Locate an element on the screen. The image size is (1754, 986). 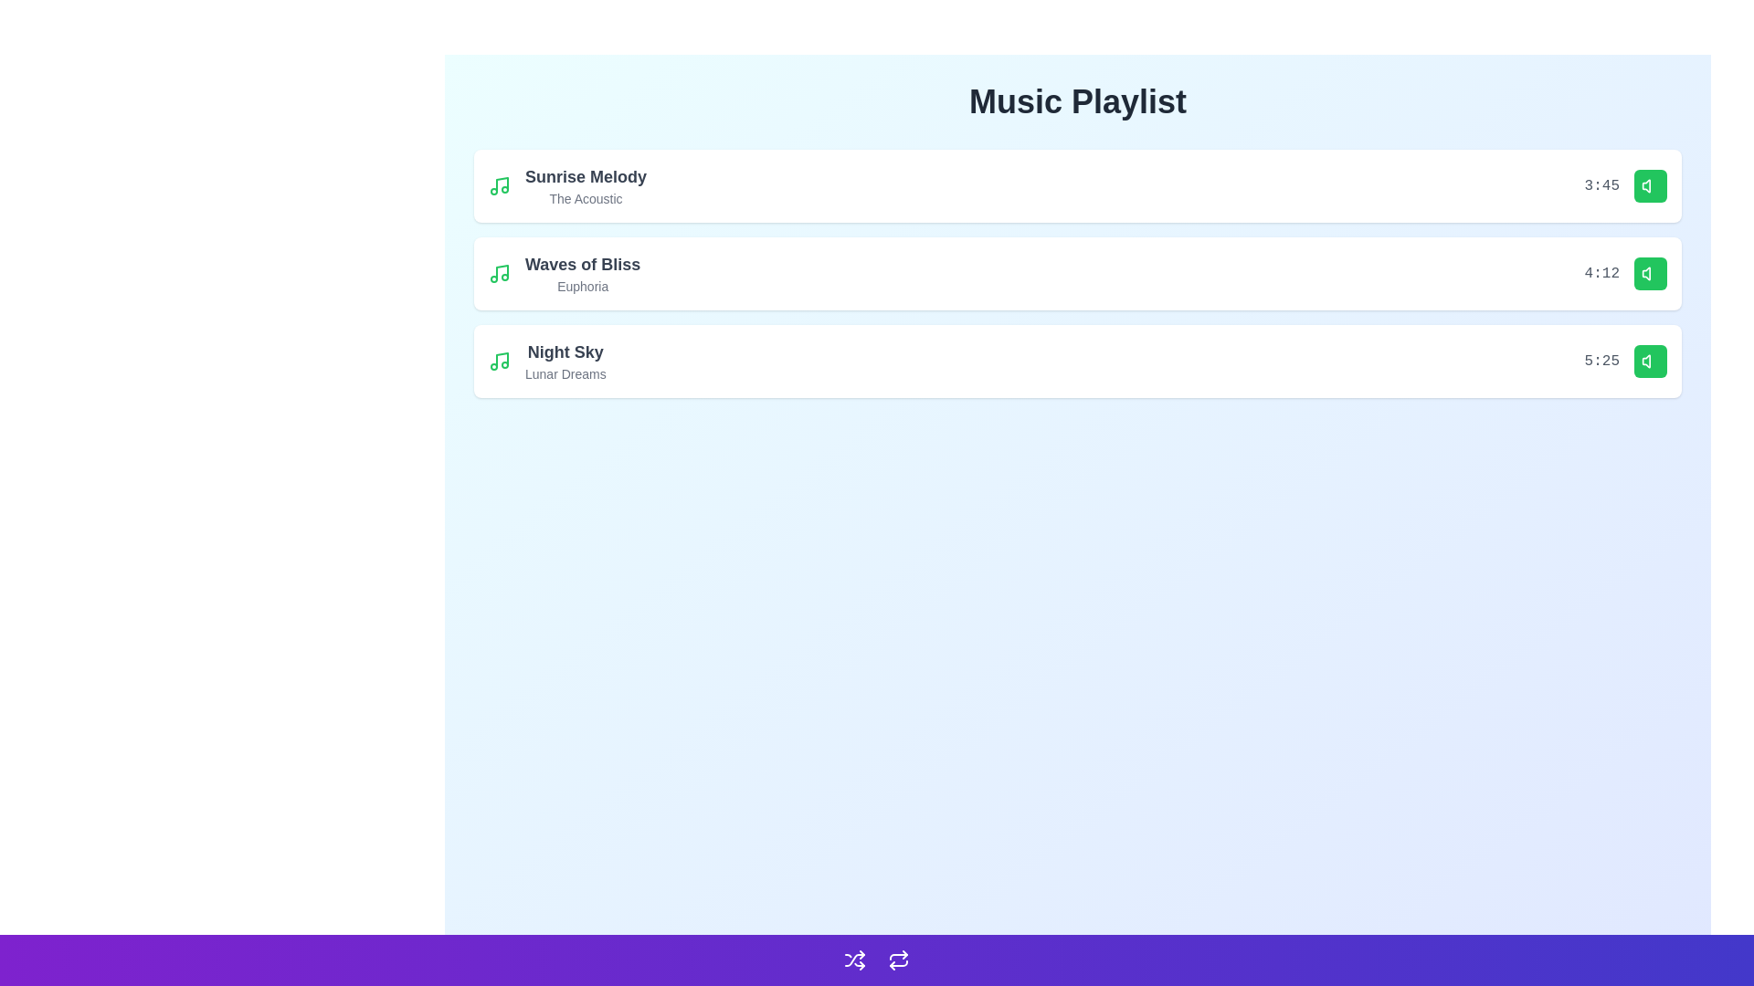
the text information block representing the second entry is located at coordinates (564, 274).